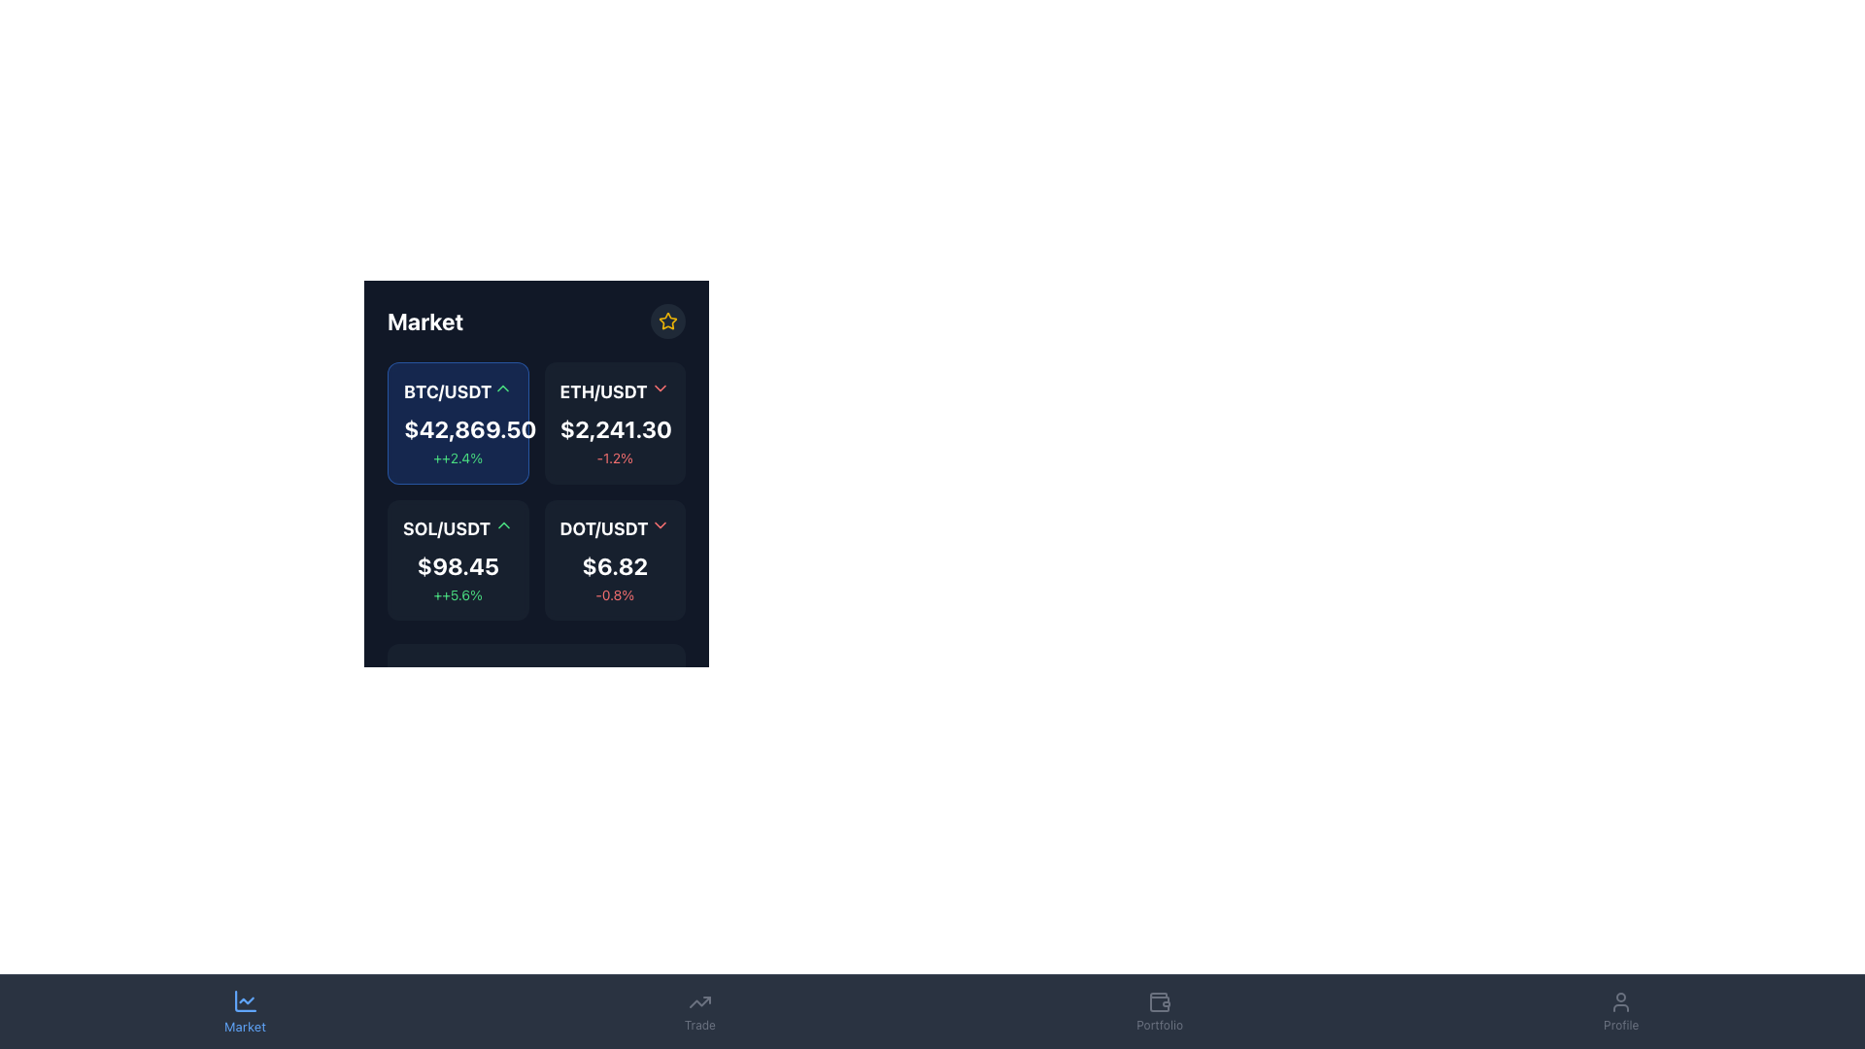  What do you see at coordinates (457, 528) in the screenshot?
I see `the financial trading pair label element for SOL/USDT located in the top left corner of its card` at bounding box center [457, 528].